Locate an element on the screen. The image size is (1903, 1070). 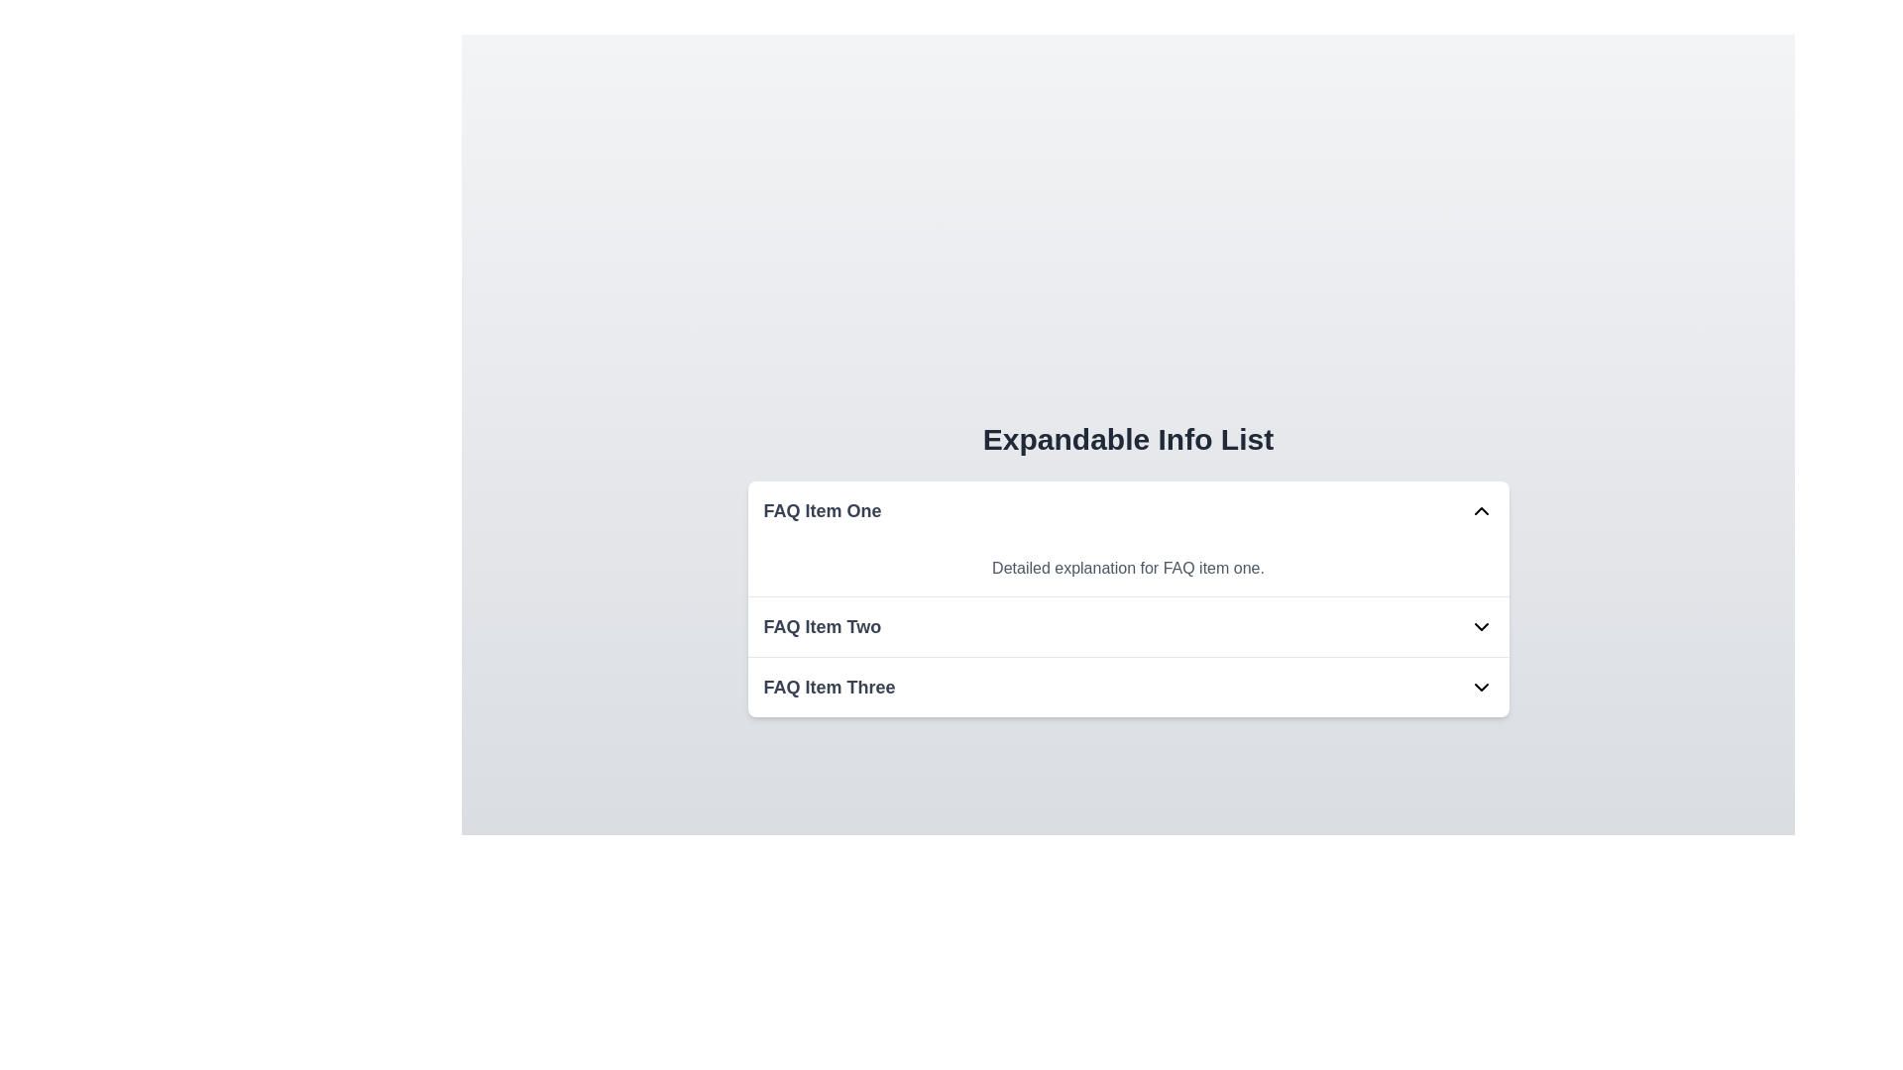
the 'FAQ Item One' toggle item in the Interactive row is located at coordinates (1128, 510).